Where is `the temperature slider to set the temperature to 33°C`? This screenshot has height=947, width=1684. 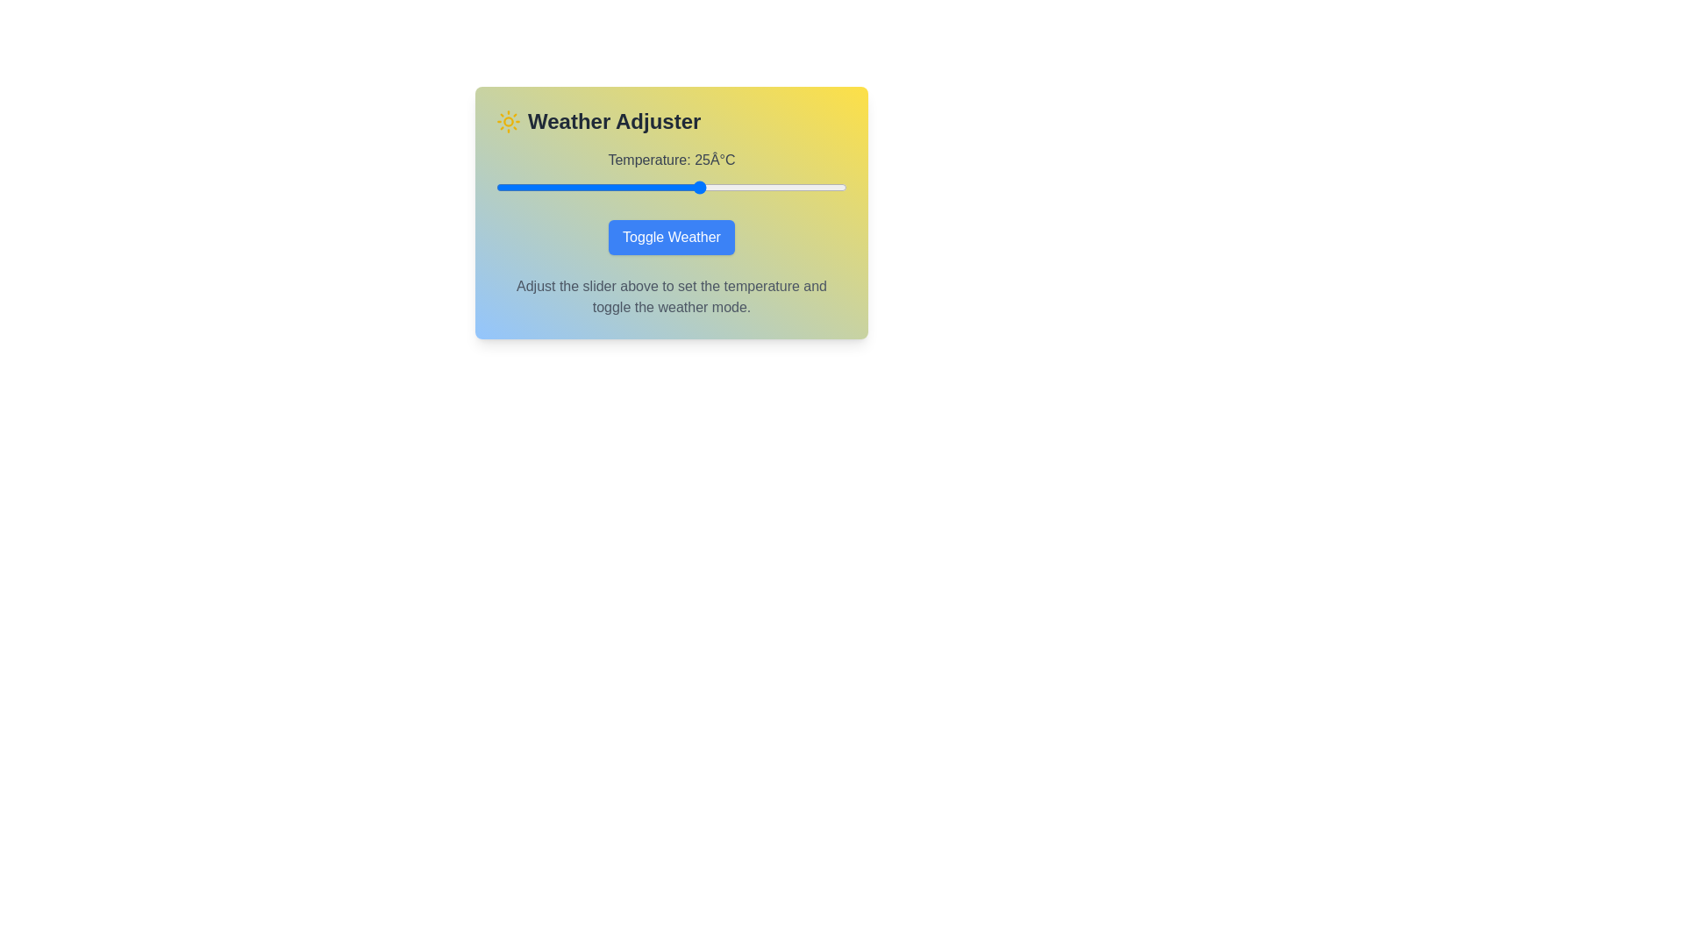 the temperature slider to set the temperature to 33°C is located at coordinates (747, 187).